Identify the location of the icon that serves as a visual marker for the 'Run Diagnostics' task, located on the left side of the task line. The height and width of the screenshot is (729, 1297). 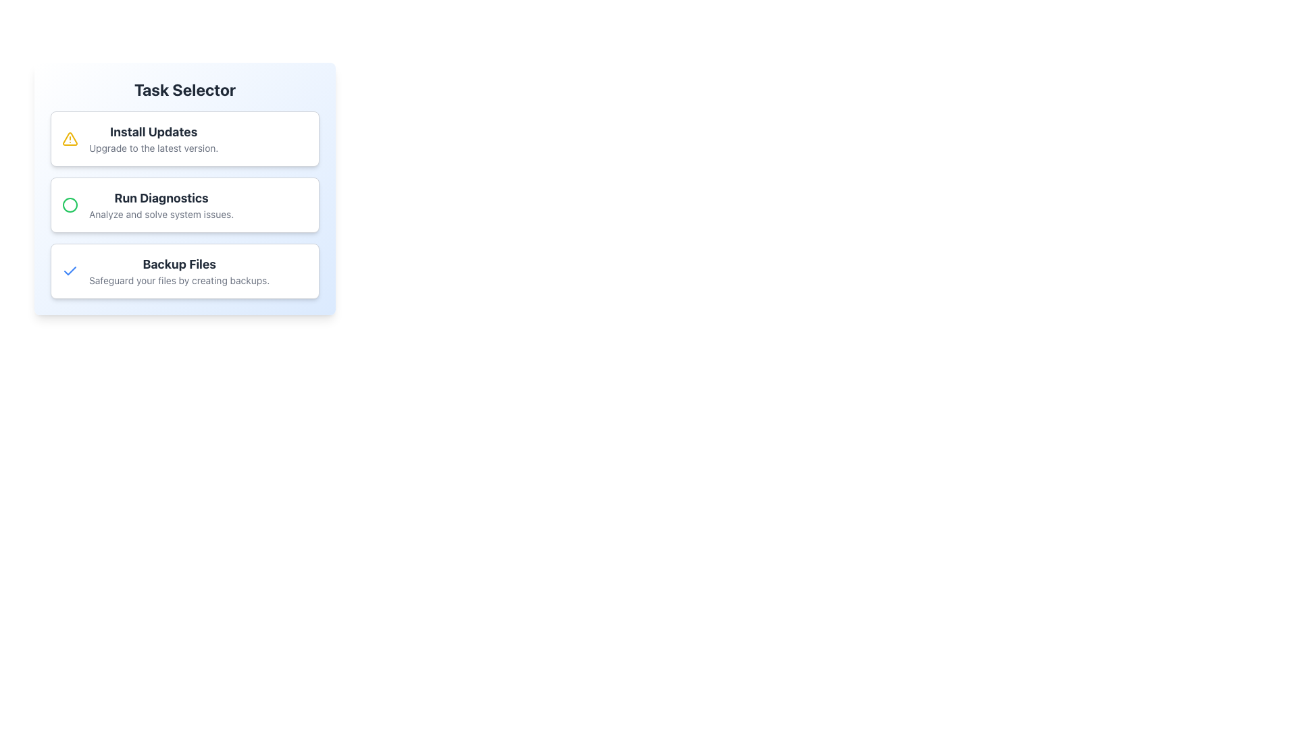
(70, 205).